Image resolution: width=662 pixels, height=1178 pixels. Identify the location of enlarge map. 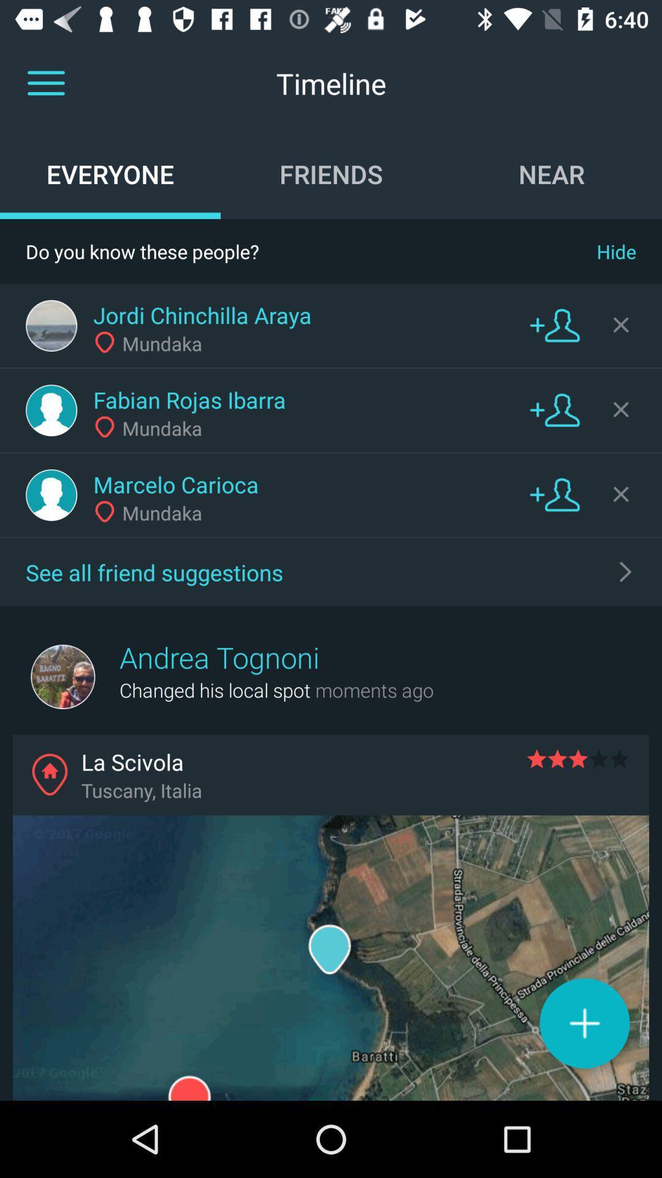
(331, 957).